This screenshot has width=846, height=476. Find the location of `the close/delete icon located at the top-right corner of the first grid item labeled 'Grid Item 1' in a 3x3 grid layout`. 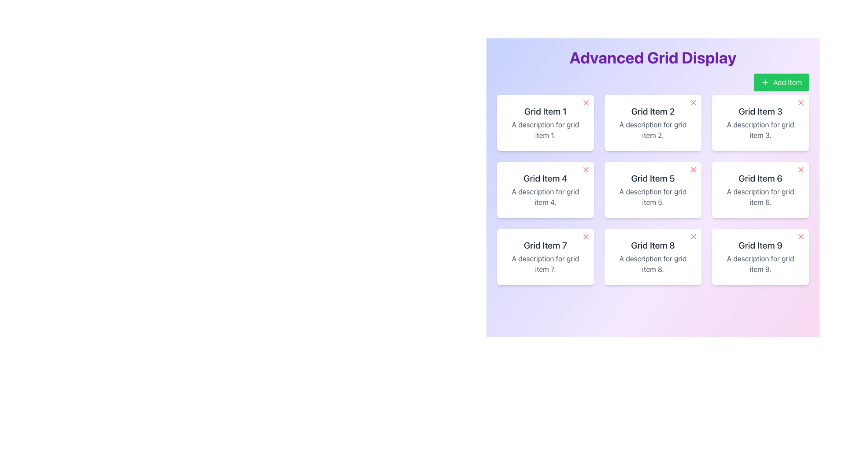

the close/delete icon located at the top-right corner of the first grid item labeled 'Grid Item 1' in a 3x3 grid layout is located at coordinates (586, 102).